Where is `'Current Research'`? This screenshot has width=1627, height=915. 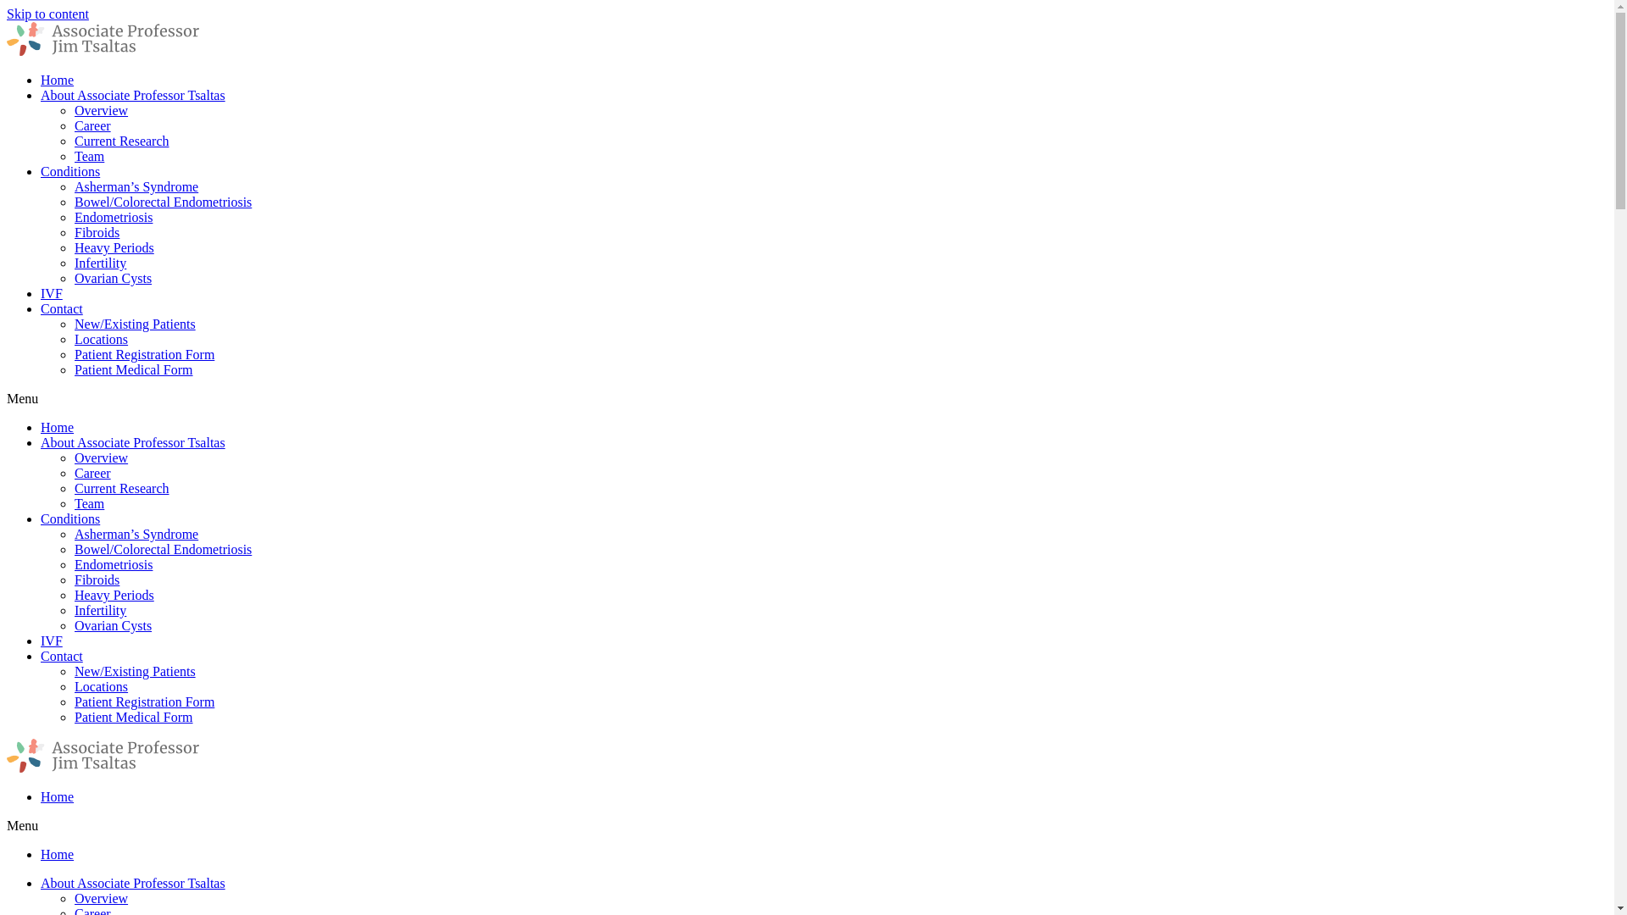
'Current Research' is located at coordinates (121, 488).